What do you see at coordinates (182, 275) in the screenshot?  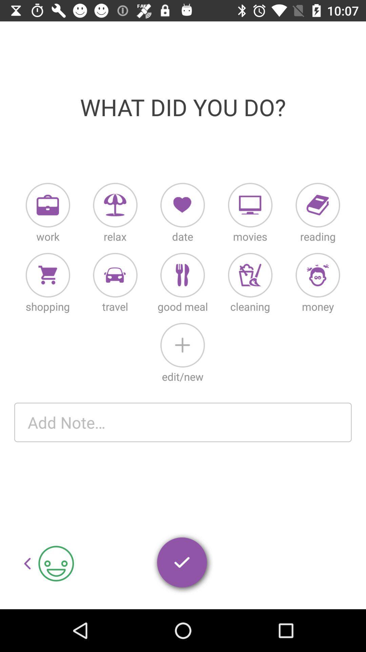 I see `meal` at bounding box center [182, 275].